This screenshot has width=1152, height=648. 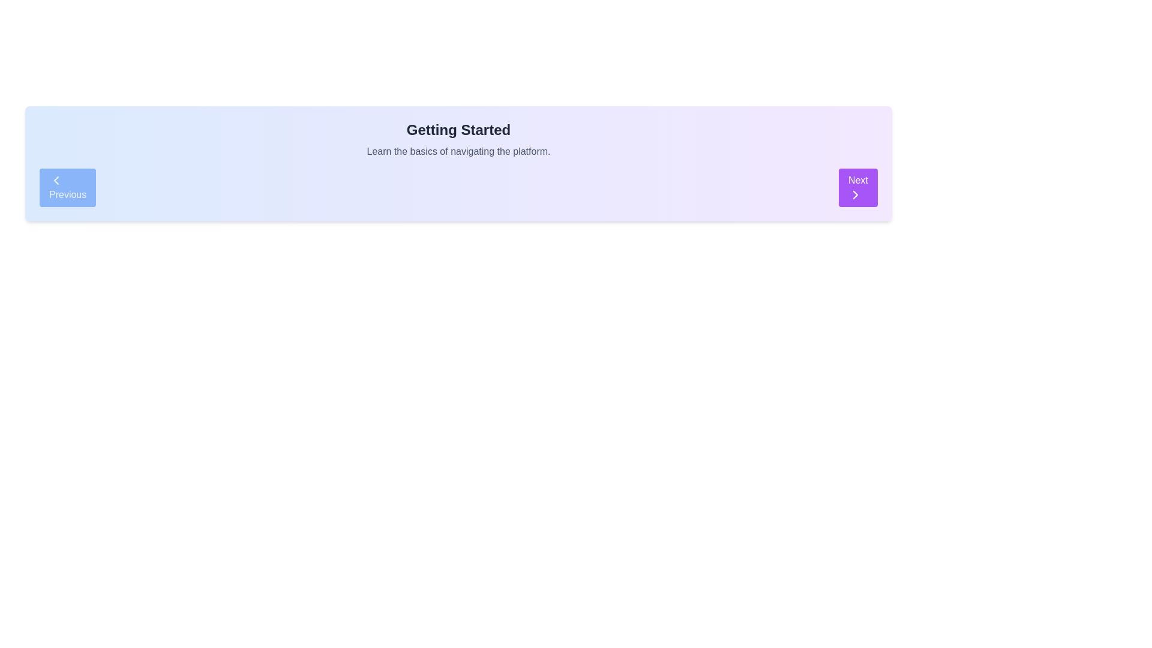 What do you see at coordinates (857, 187) in the screenshot?
I see `the navigation button located on the right side of the interface` at bounding box center [857, 187].